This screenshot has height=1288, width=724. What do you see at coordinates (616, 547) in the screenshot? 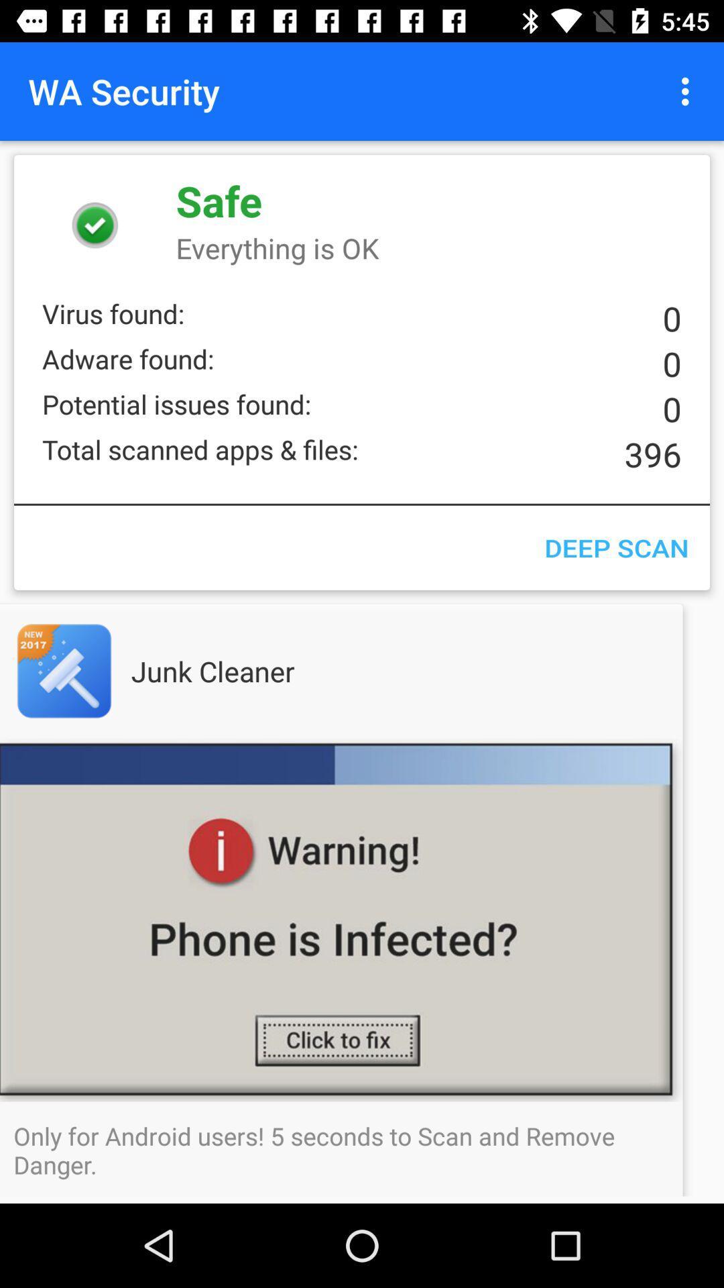
I see `the deep scan icon` at bounding box center [616, 547].